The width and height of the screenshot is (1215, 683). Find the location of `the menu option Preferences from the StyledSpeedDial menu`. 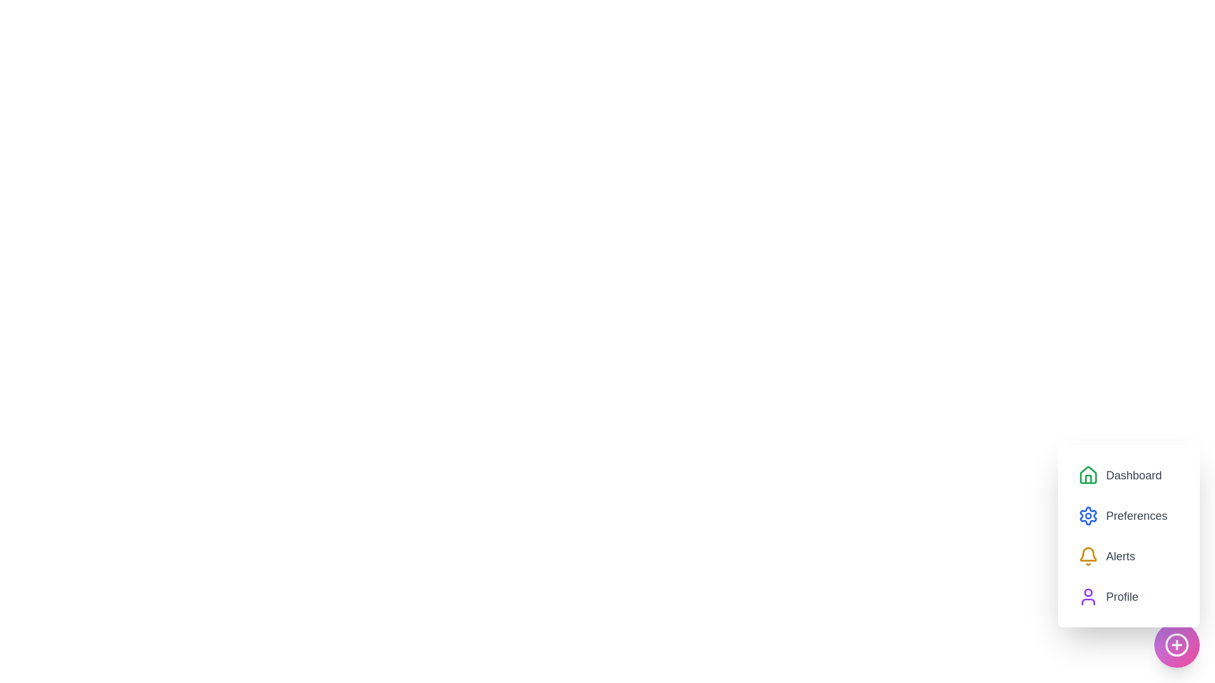

the menu option Preferences from the StyledSpeedDial menu is located at coordinates (1123, 516).